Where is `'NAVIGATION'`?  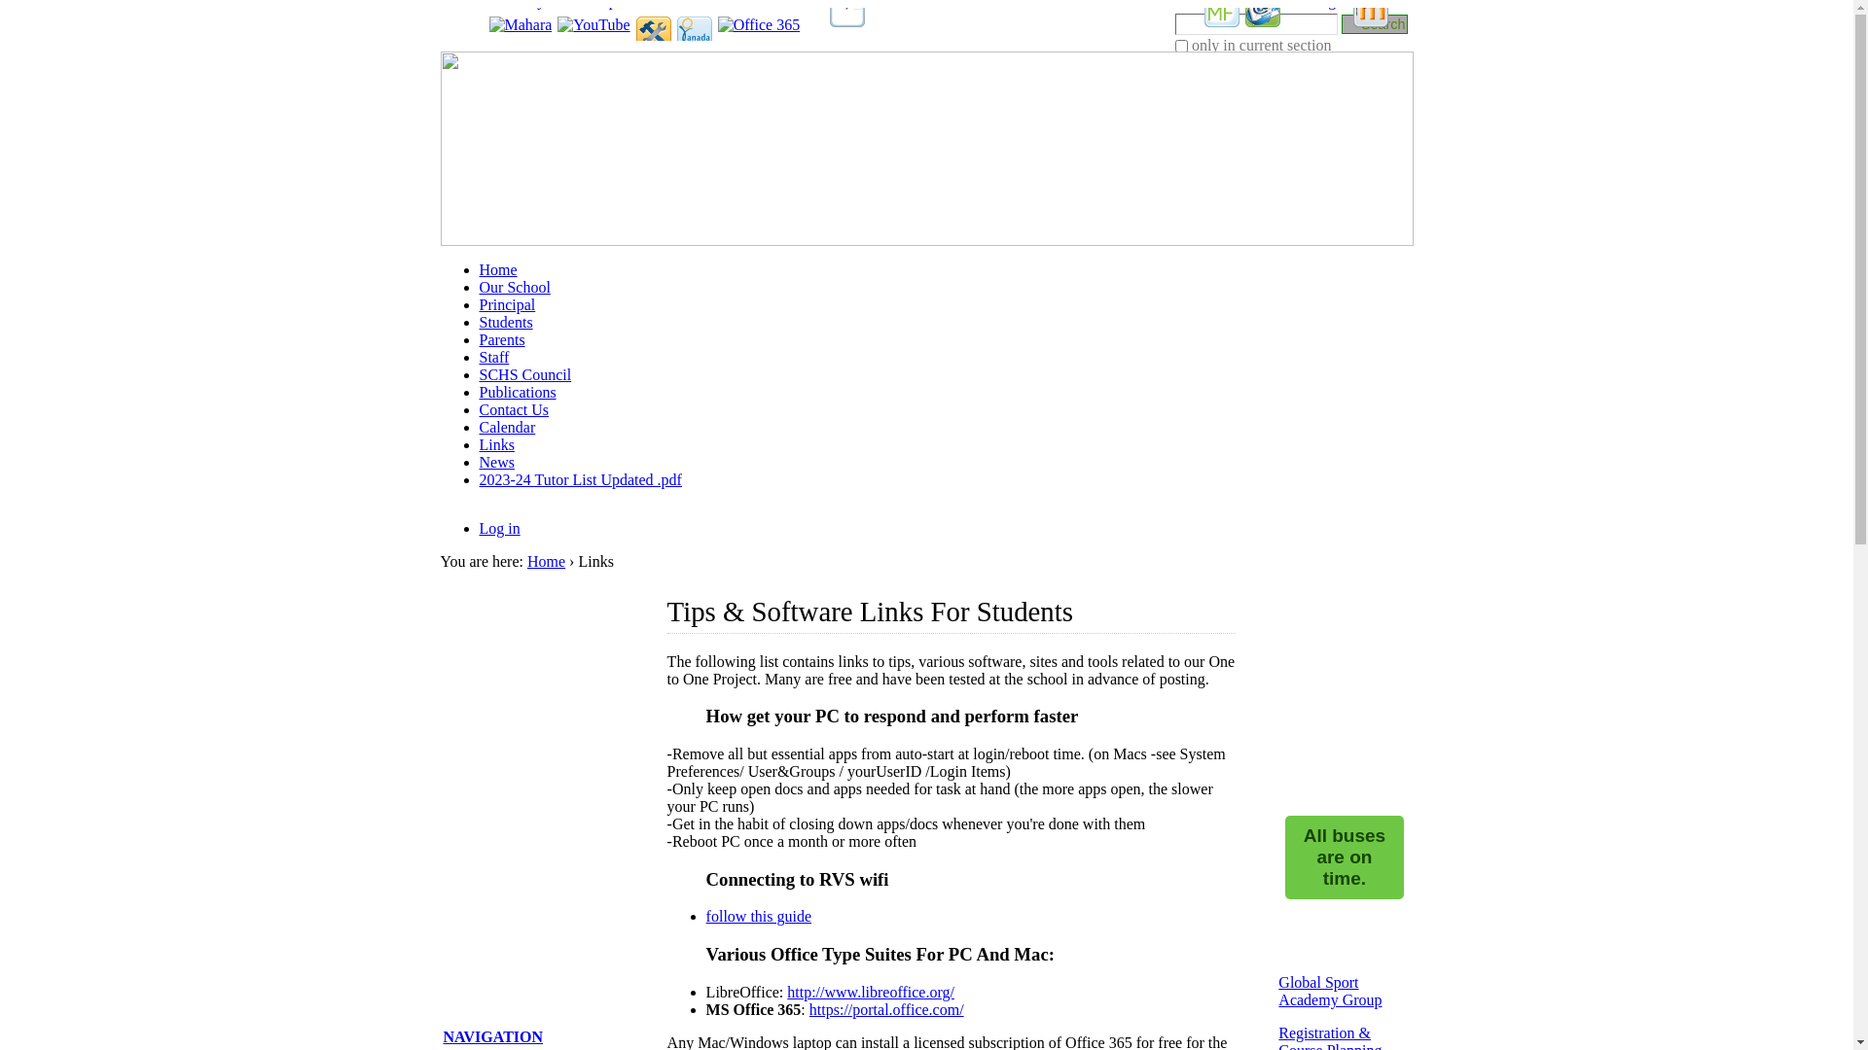
'NAVIGATION' is located at coordinates (443, 1035).